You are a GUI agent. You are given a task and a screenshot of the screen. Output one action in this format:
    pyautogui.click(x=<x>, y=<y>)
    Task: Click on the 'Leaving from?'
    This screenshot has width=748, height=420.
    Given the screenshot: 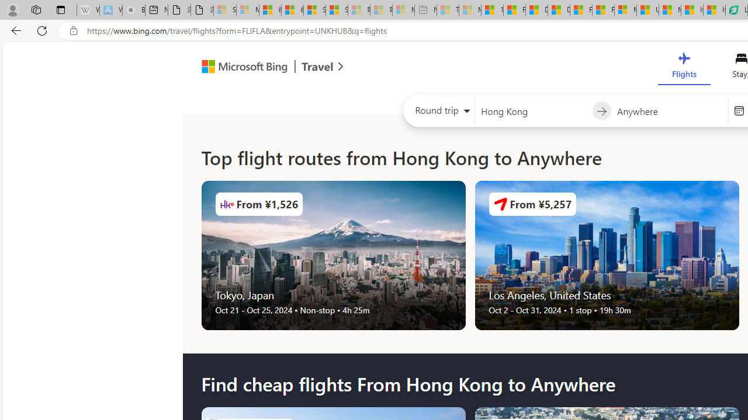 What is the action you would take?
    pyautogui.click(x=532, y=111)
    